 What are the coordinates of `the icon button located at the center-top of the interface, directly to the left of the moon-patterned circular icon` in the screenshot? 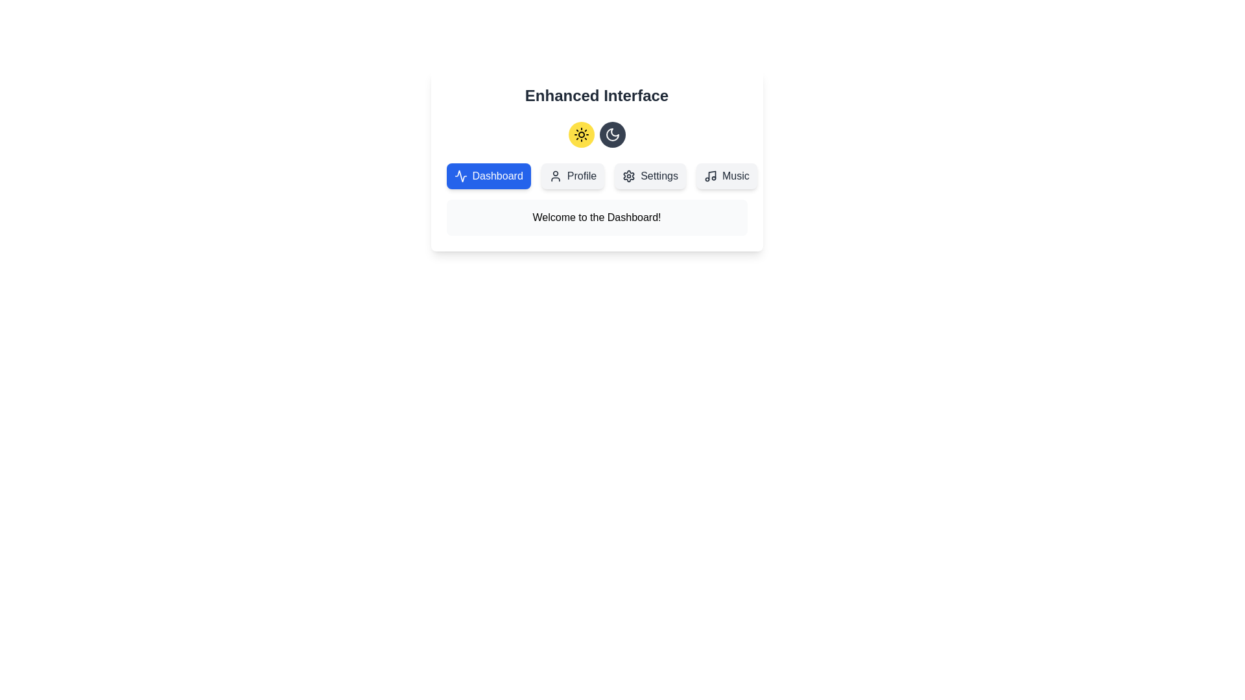 It's located at (580, 135).